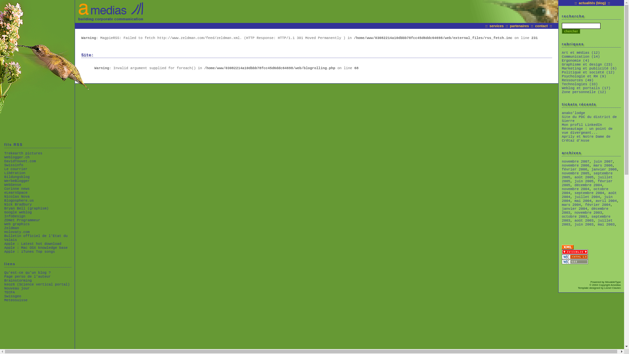 This screenshot has height=354, width=629. What do you see at coordinates (18, 280) in the screenshot?
I see `'Brainstorming'` at bounding box center [18, 280].